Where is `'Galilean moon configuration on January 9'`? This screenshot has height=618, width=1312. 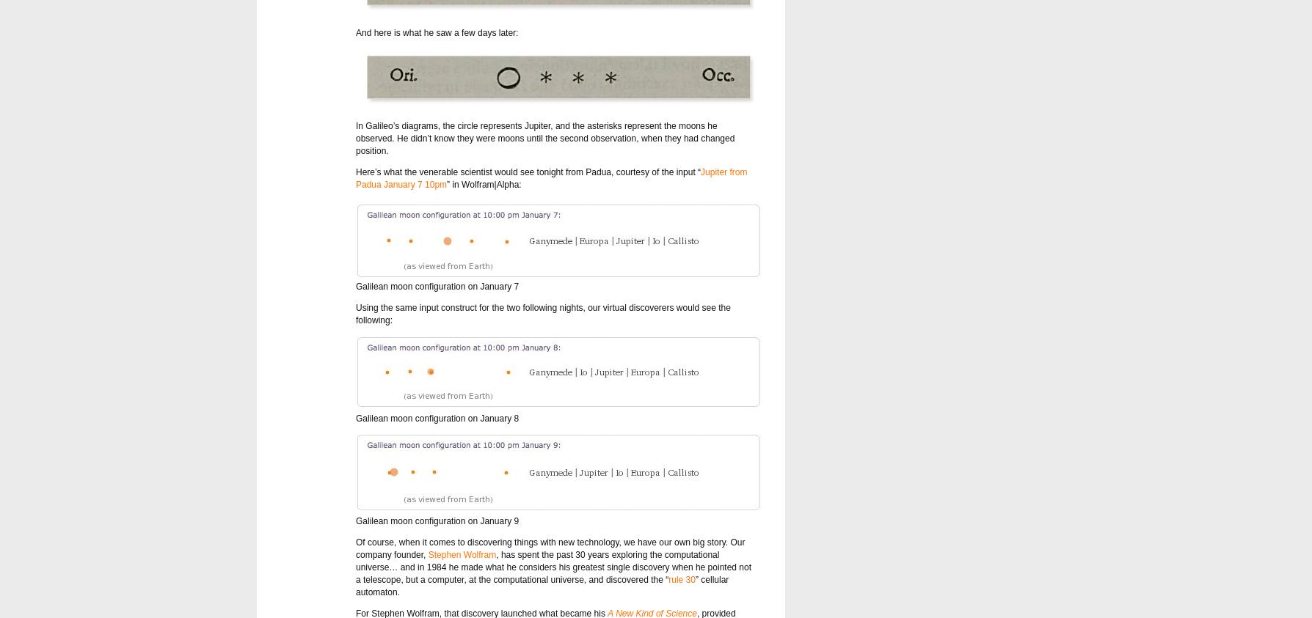
'Galilean moon configuration on January 9' is located at coordinates (437, 520).